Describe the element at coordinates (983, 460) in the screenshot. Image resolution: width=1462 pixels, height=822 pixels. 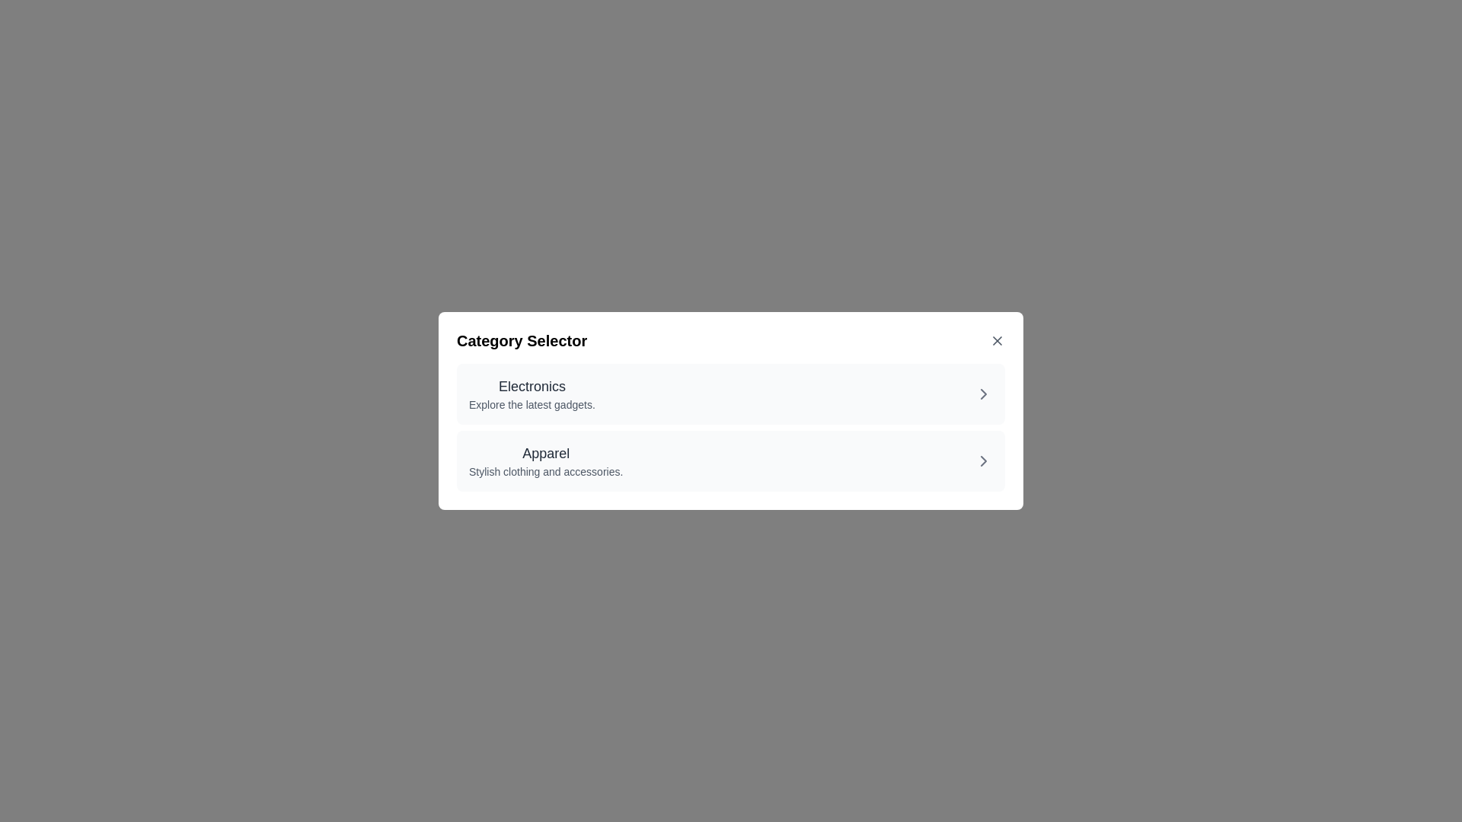
I see `the chevron-right icon` at that location.